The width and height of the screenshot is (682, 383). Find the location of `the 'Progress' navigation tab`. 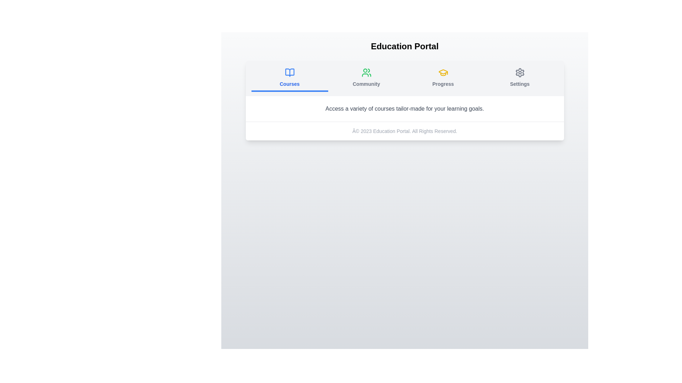

the 'Progress' navigation tab is located at coordinates (443, 78).